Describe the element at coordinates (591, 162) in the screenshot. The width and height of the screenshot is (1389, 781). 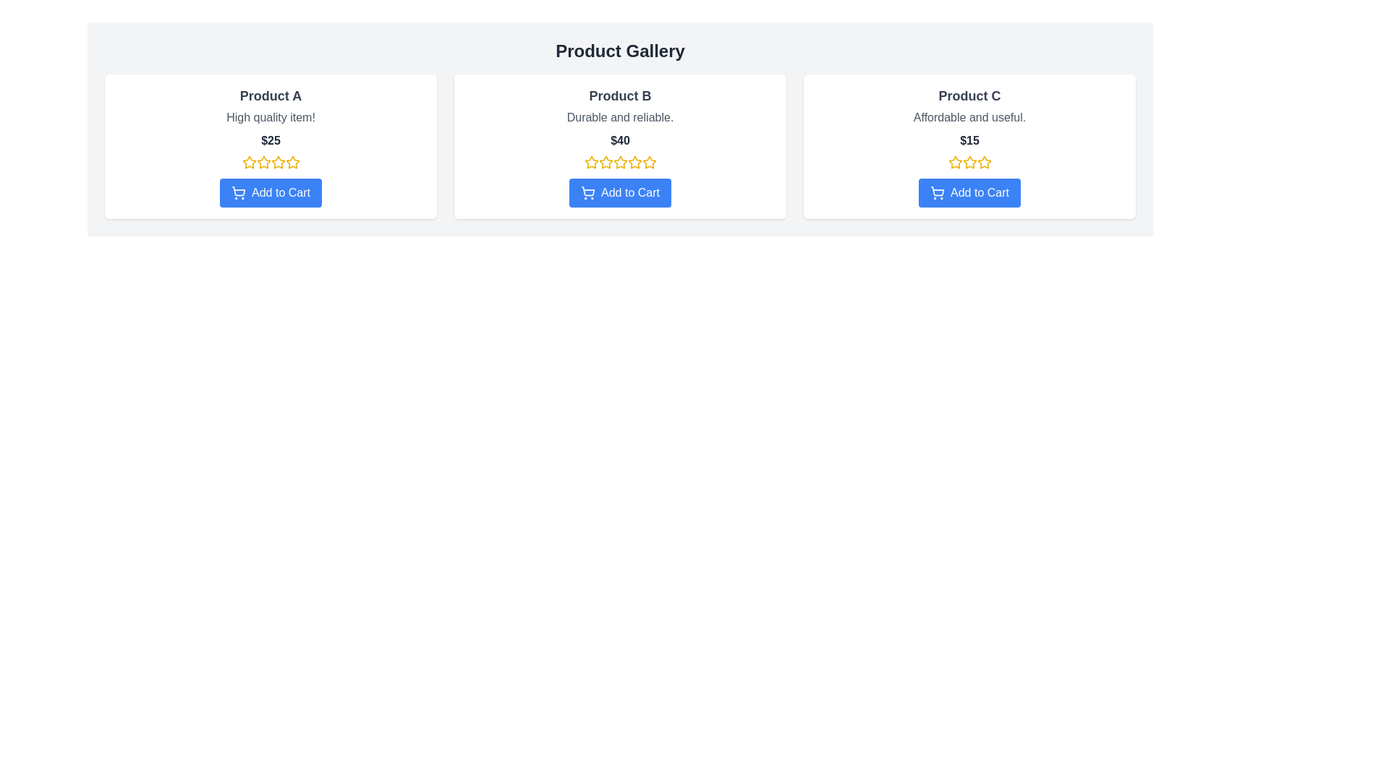
I see `the first yellow star icon in the rating section for 'Product B' to rate it` at that location.